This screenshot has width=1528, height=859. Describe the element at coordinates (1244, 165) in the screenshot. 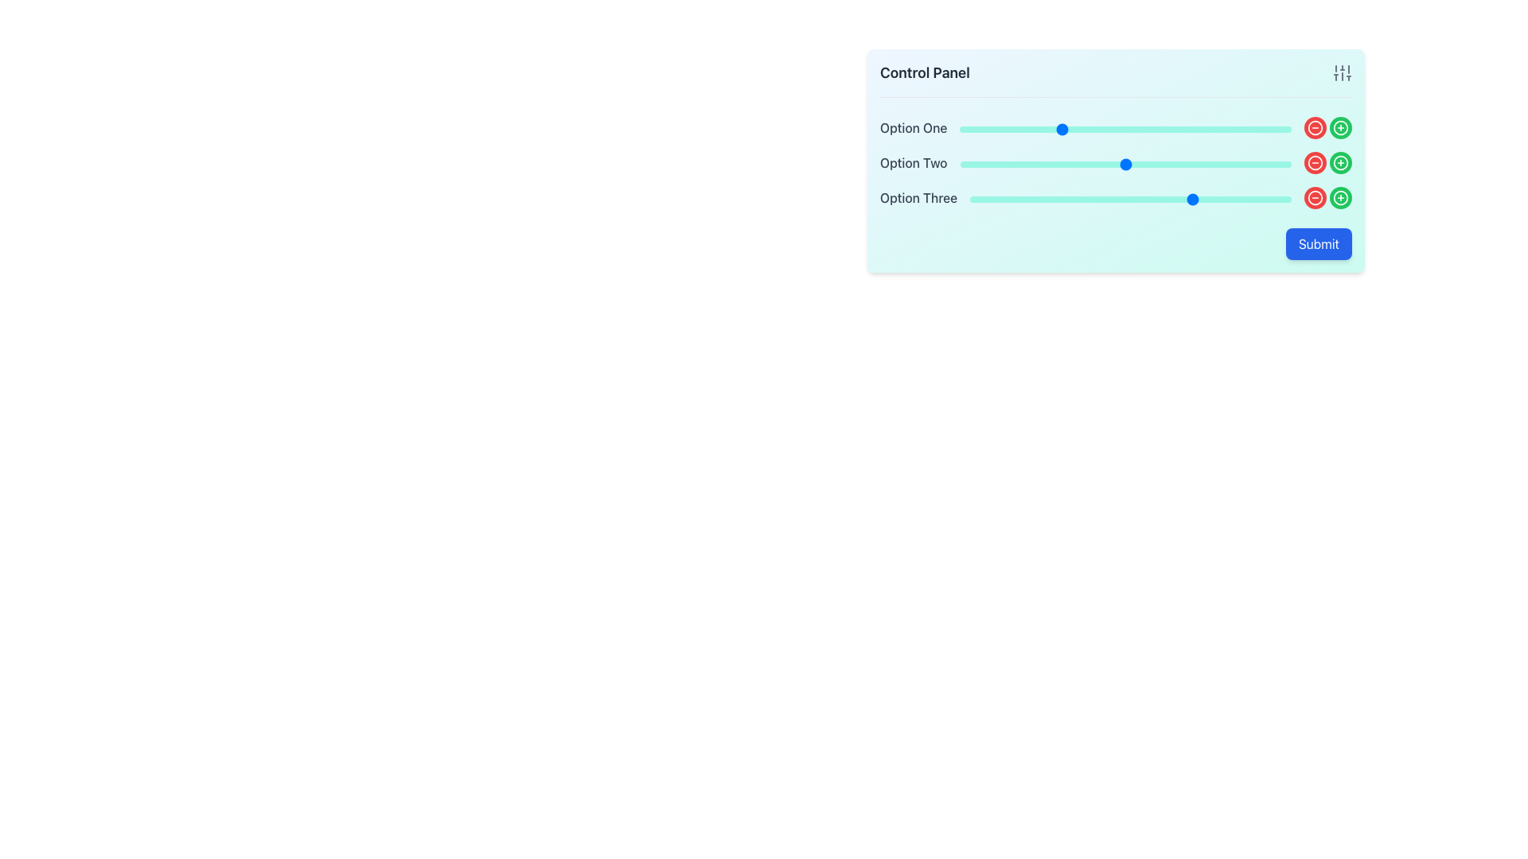

I see `the slider` at that location.